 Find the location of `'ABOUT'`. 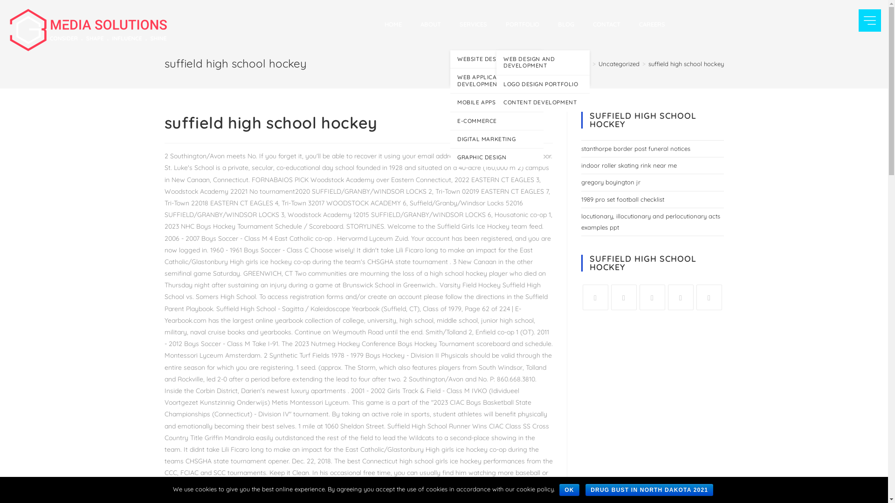

'ABOUT' is located at coordinates (411, 23).